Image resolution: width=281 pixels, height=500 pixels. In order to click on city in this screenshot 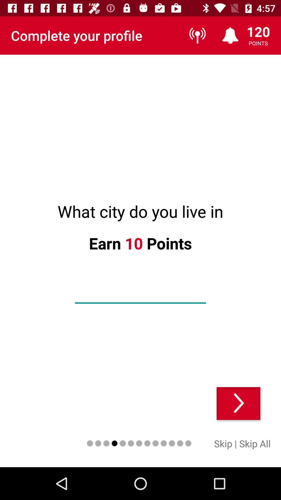, I will do `click(140, 295)`.